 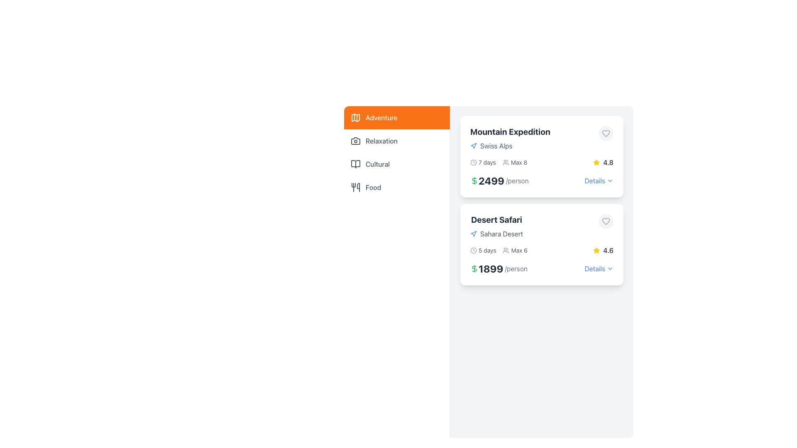 I want to click on the star icon representing the rating of the desert safari card, located at the bottom-right of the card, to interact with it, so click(x=596, y=250).